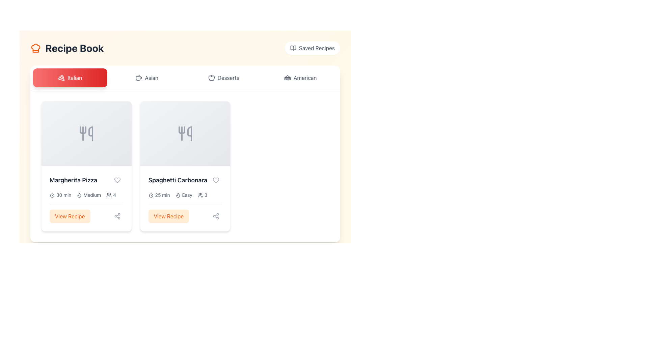  What do you see at coordinates (138, 78) in the screenshot?
I see `the 'Asian' navigation button which contains a coffee cup icon positioned` at bounding box center [138, 78].